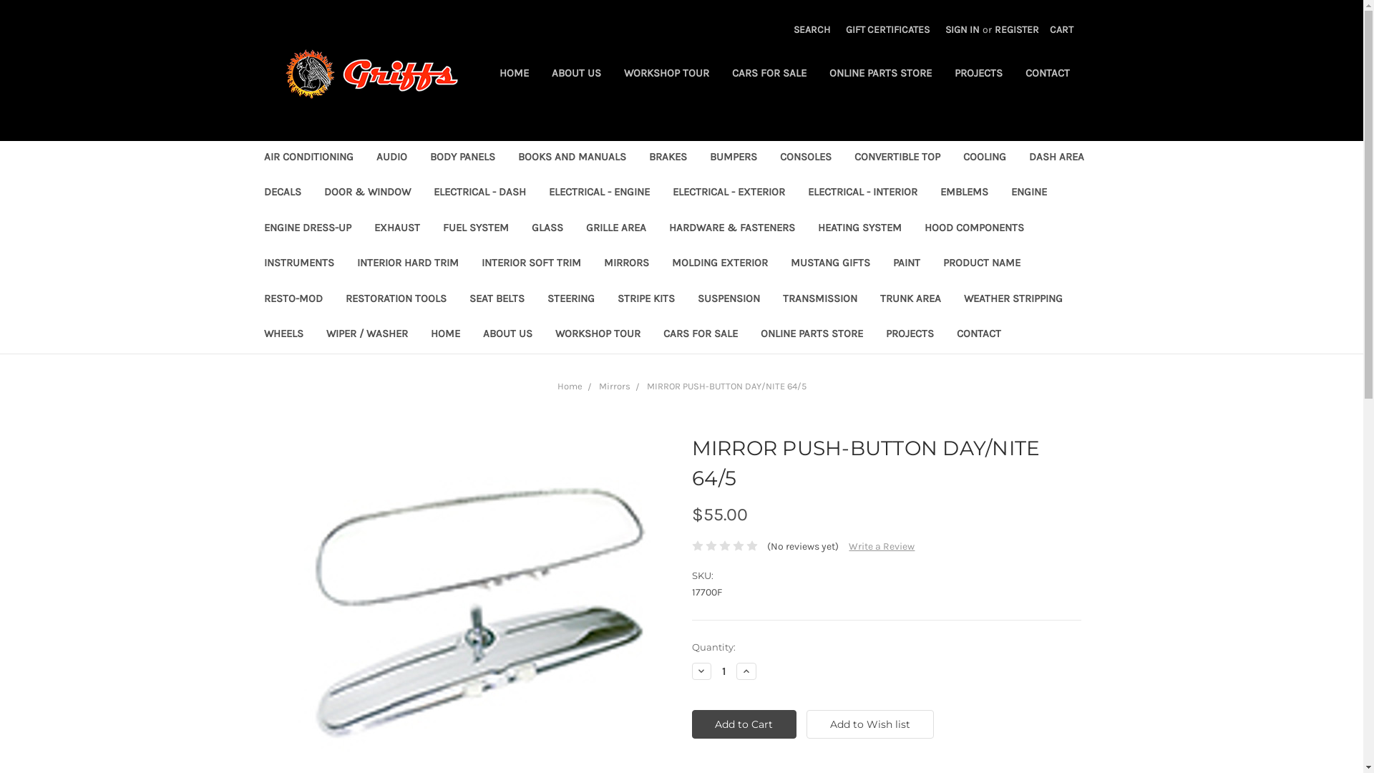 The width and height of the screenshot is (1374, 773). I want to click on 'INTERIOR SOFT TRIM', so click(469, 264).